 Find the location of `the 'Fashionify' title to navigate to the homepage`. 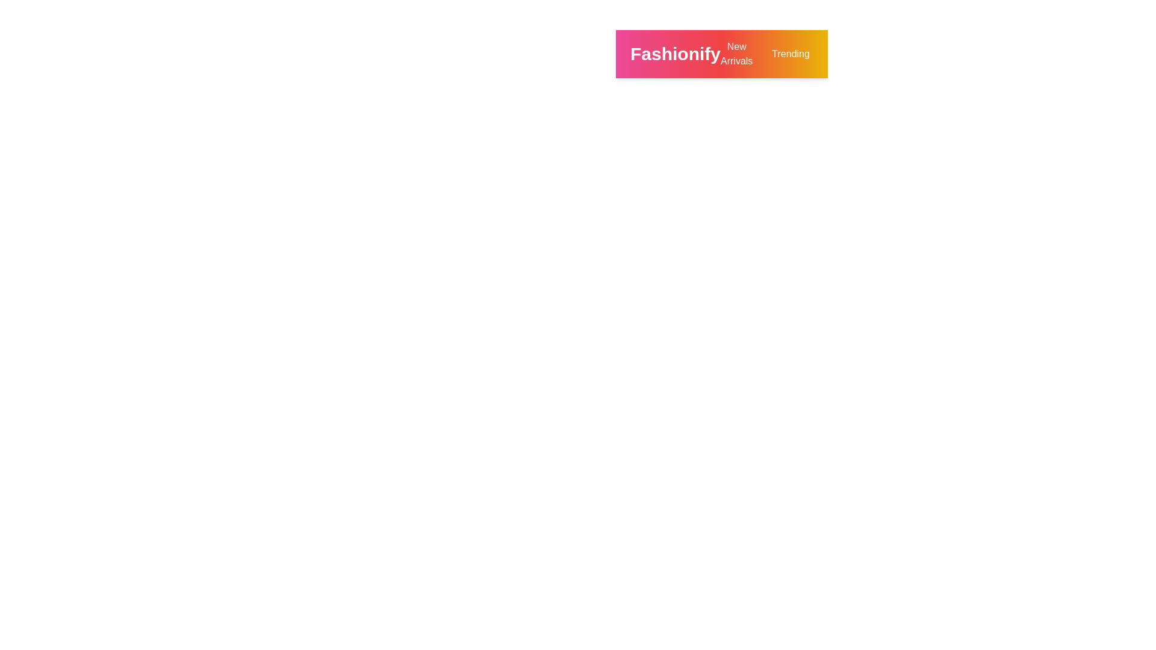

the 'Fashionify' title to navigate to the homepage is located at coordinates (676, 53).